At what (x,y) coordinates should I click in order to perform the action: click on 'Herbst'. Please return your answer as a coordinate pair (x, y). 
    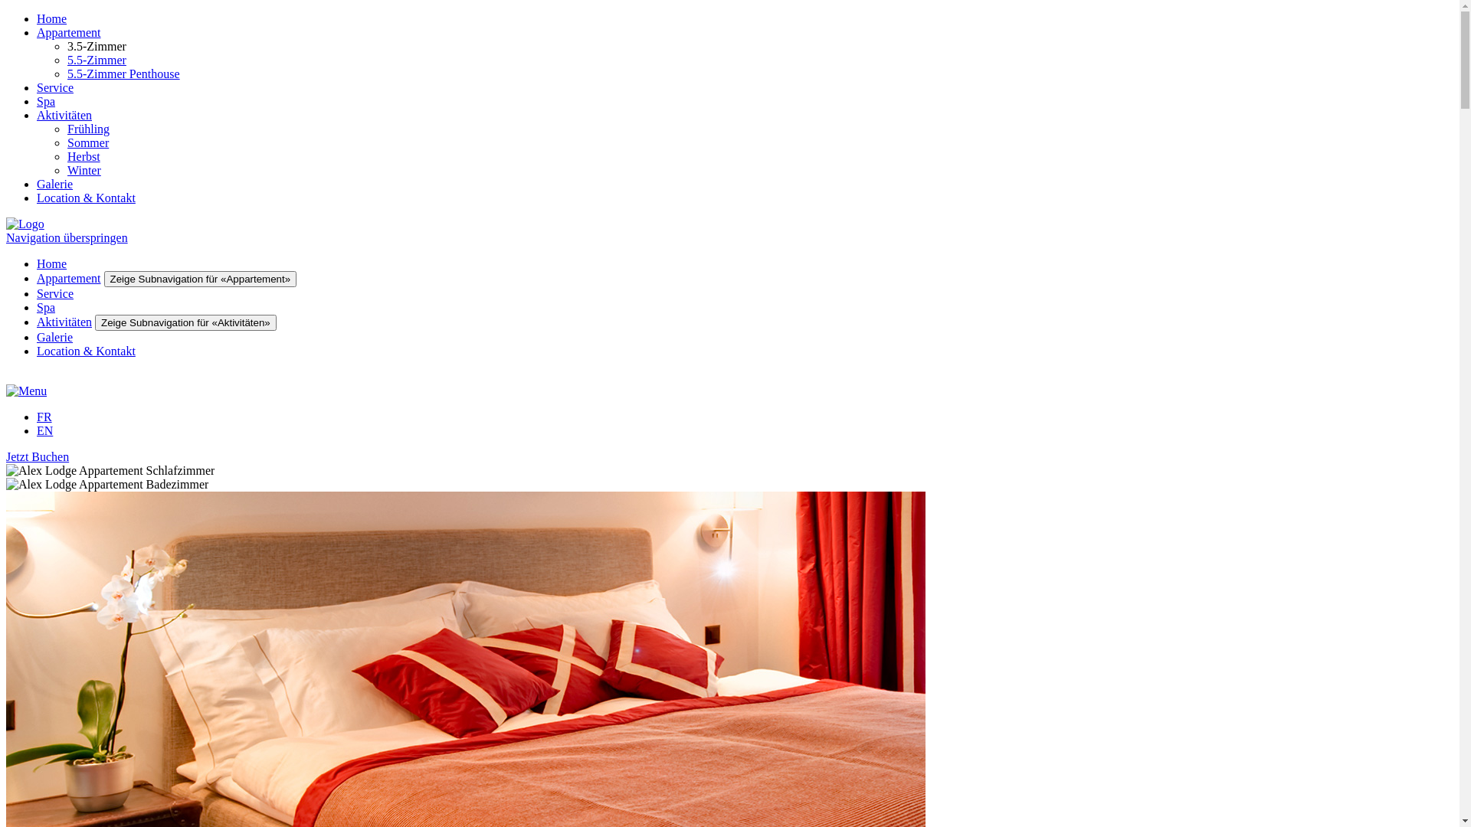
    Looking at the image, I should click on (83, 156).